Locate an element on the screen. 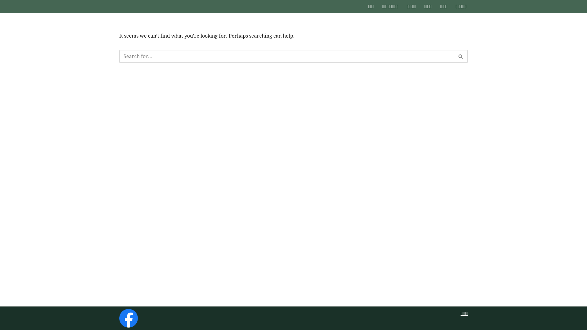 The width and height of the screenshot is (587, 330). 'Skip to content' is located at coordinates (0, 13).